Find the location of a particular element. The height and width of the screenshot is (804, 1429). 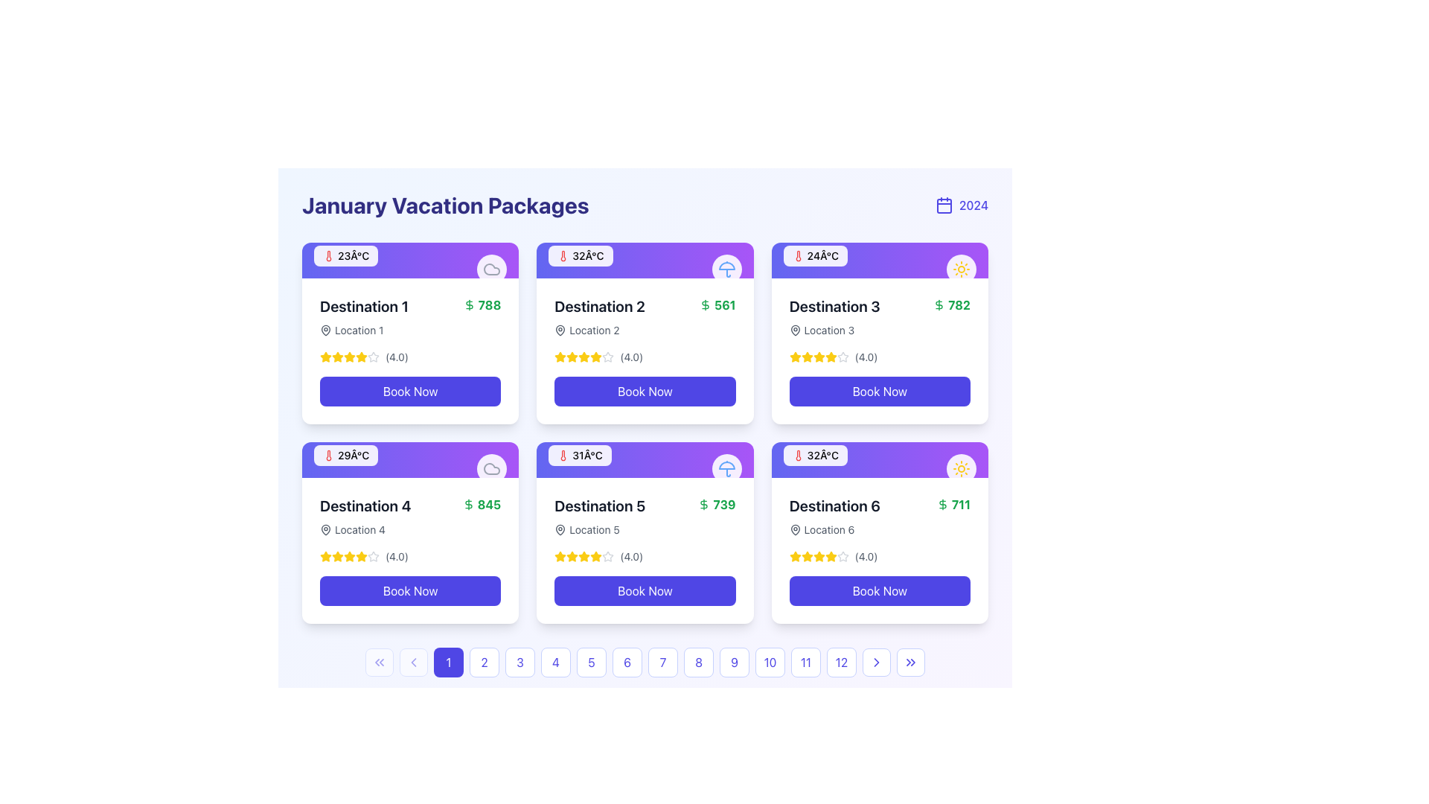

temperature value displayed on the Text label associated with the Destination 5 vacation package, located in the bottom-left corner of the fifth vacation package card is located at coordinates (586, 455).